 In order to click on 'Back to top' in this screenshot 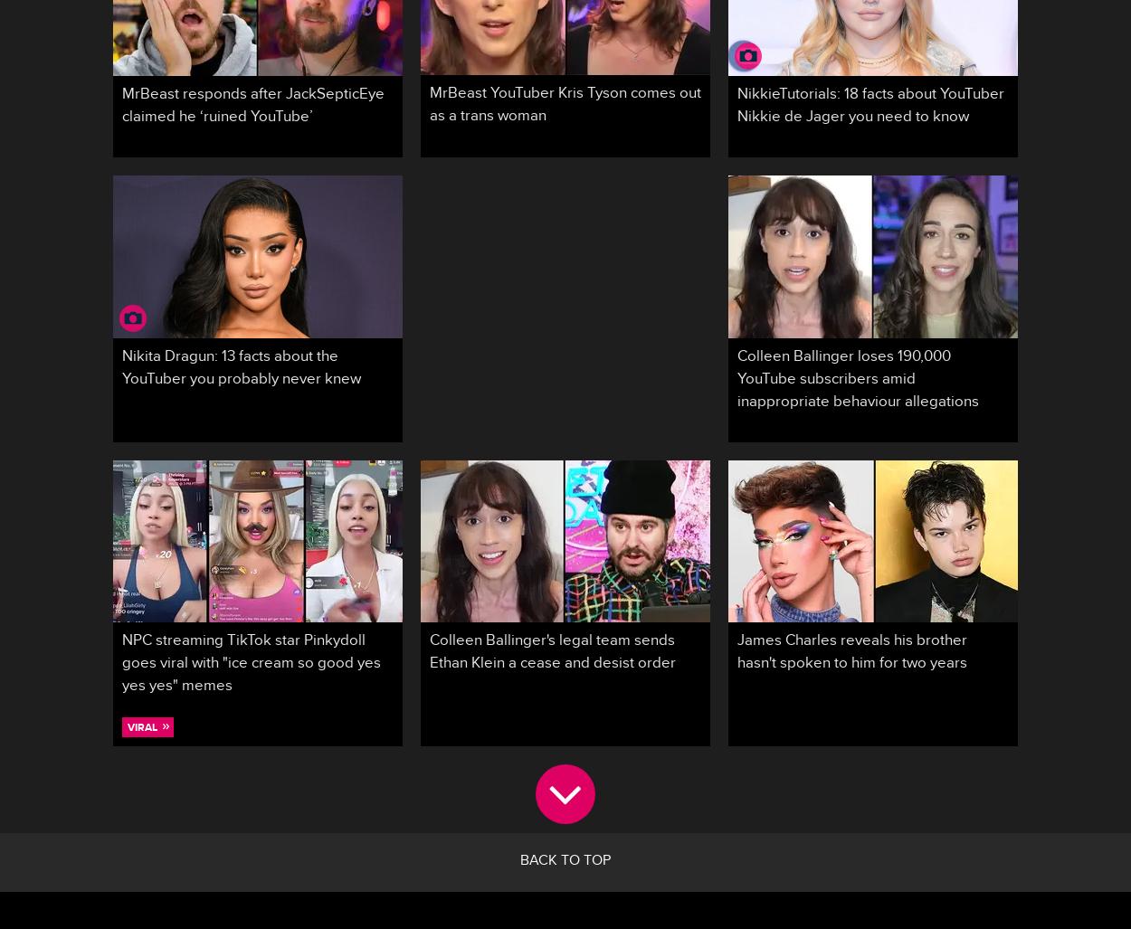, I will do `click(565, 862)`.